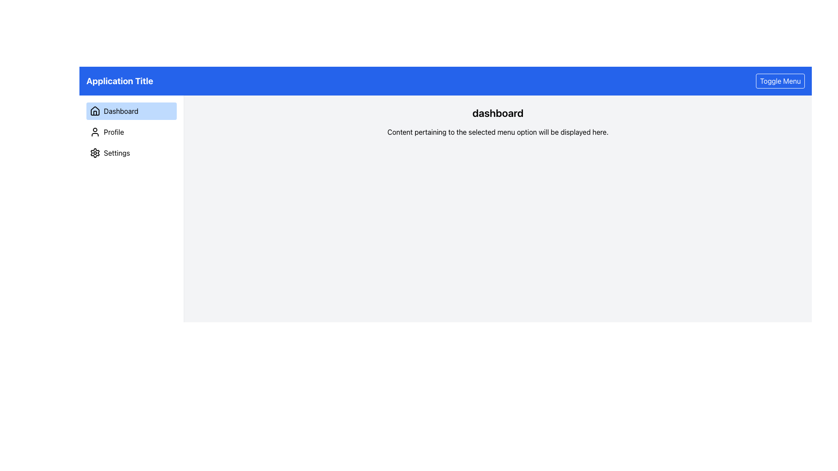  I want to click on the 'Dashboard' menu item, which is the first item in the vertical menu list on the left side of the interface, to observe hover effects, so click(131, 110).